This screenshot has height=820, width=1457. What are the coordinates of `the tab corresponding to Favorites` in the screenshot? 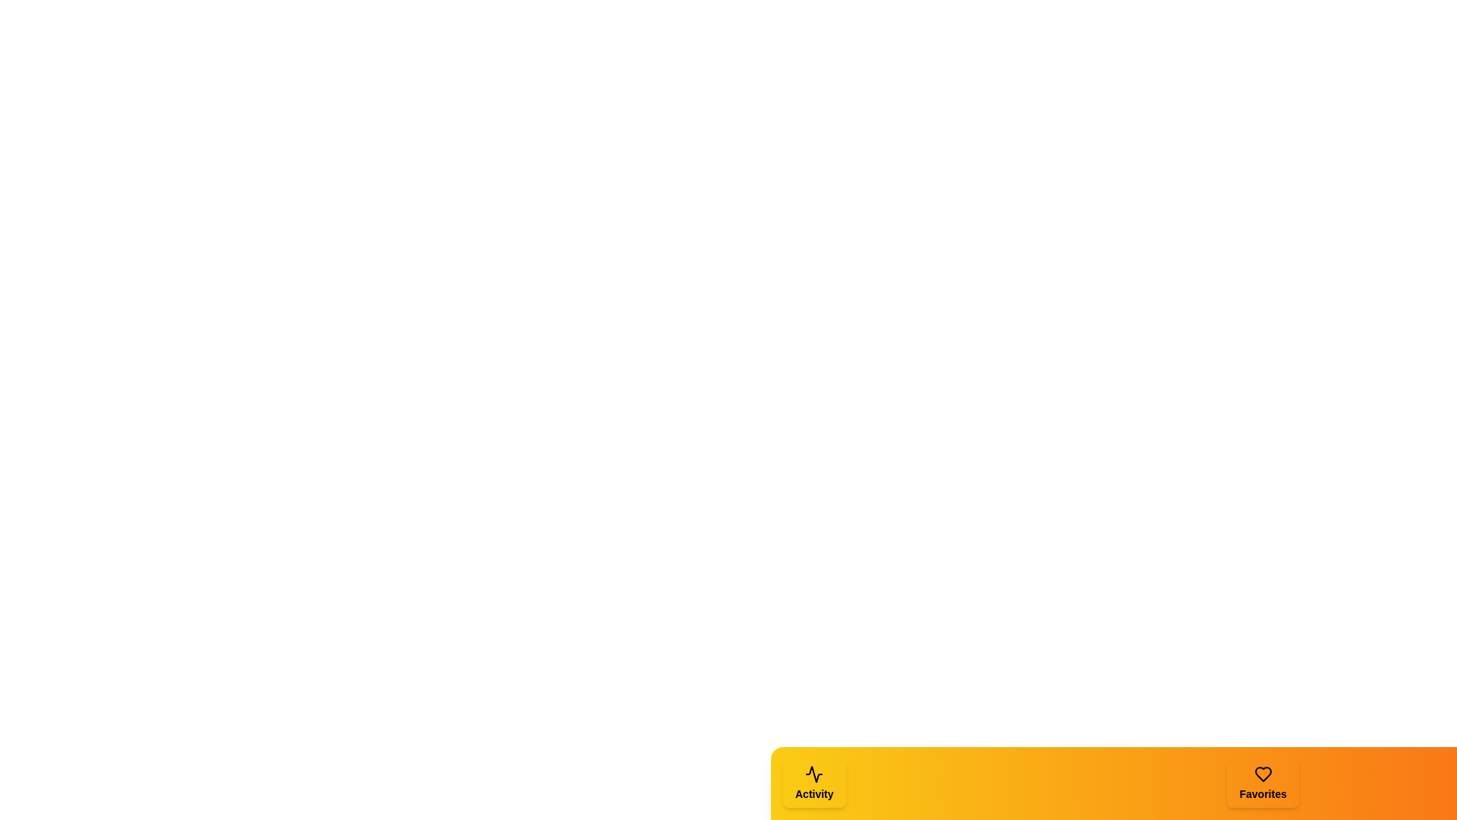 It's located at (1263, 784).